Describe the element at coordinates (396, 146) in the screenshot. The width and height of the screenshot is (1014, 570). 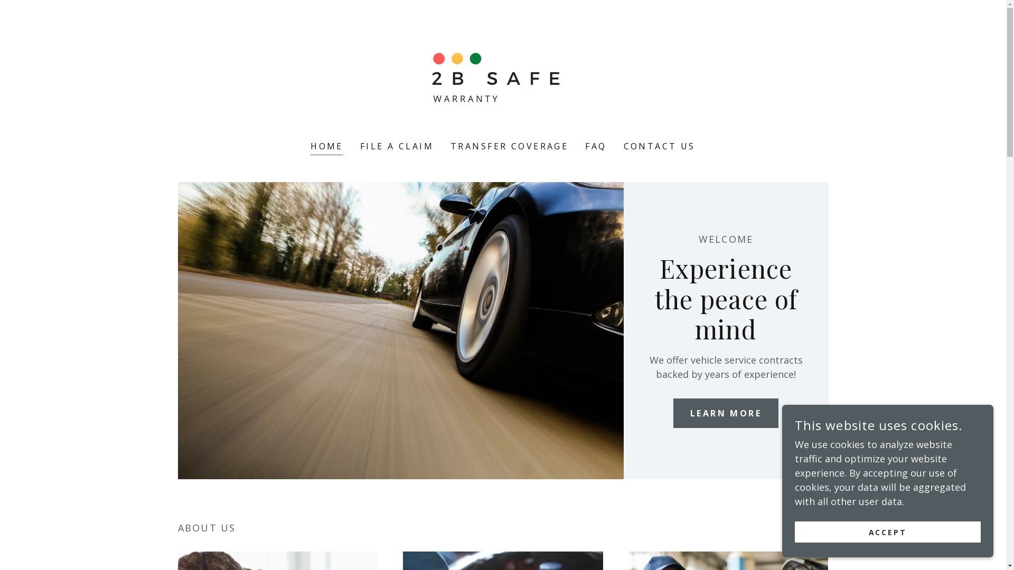
I see `'FILE A CLAIM'` at that location.